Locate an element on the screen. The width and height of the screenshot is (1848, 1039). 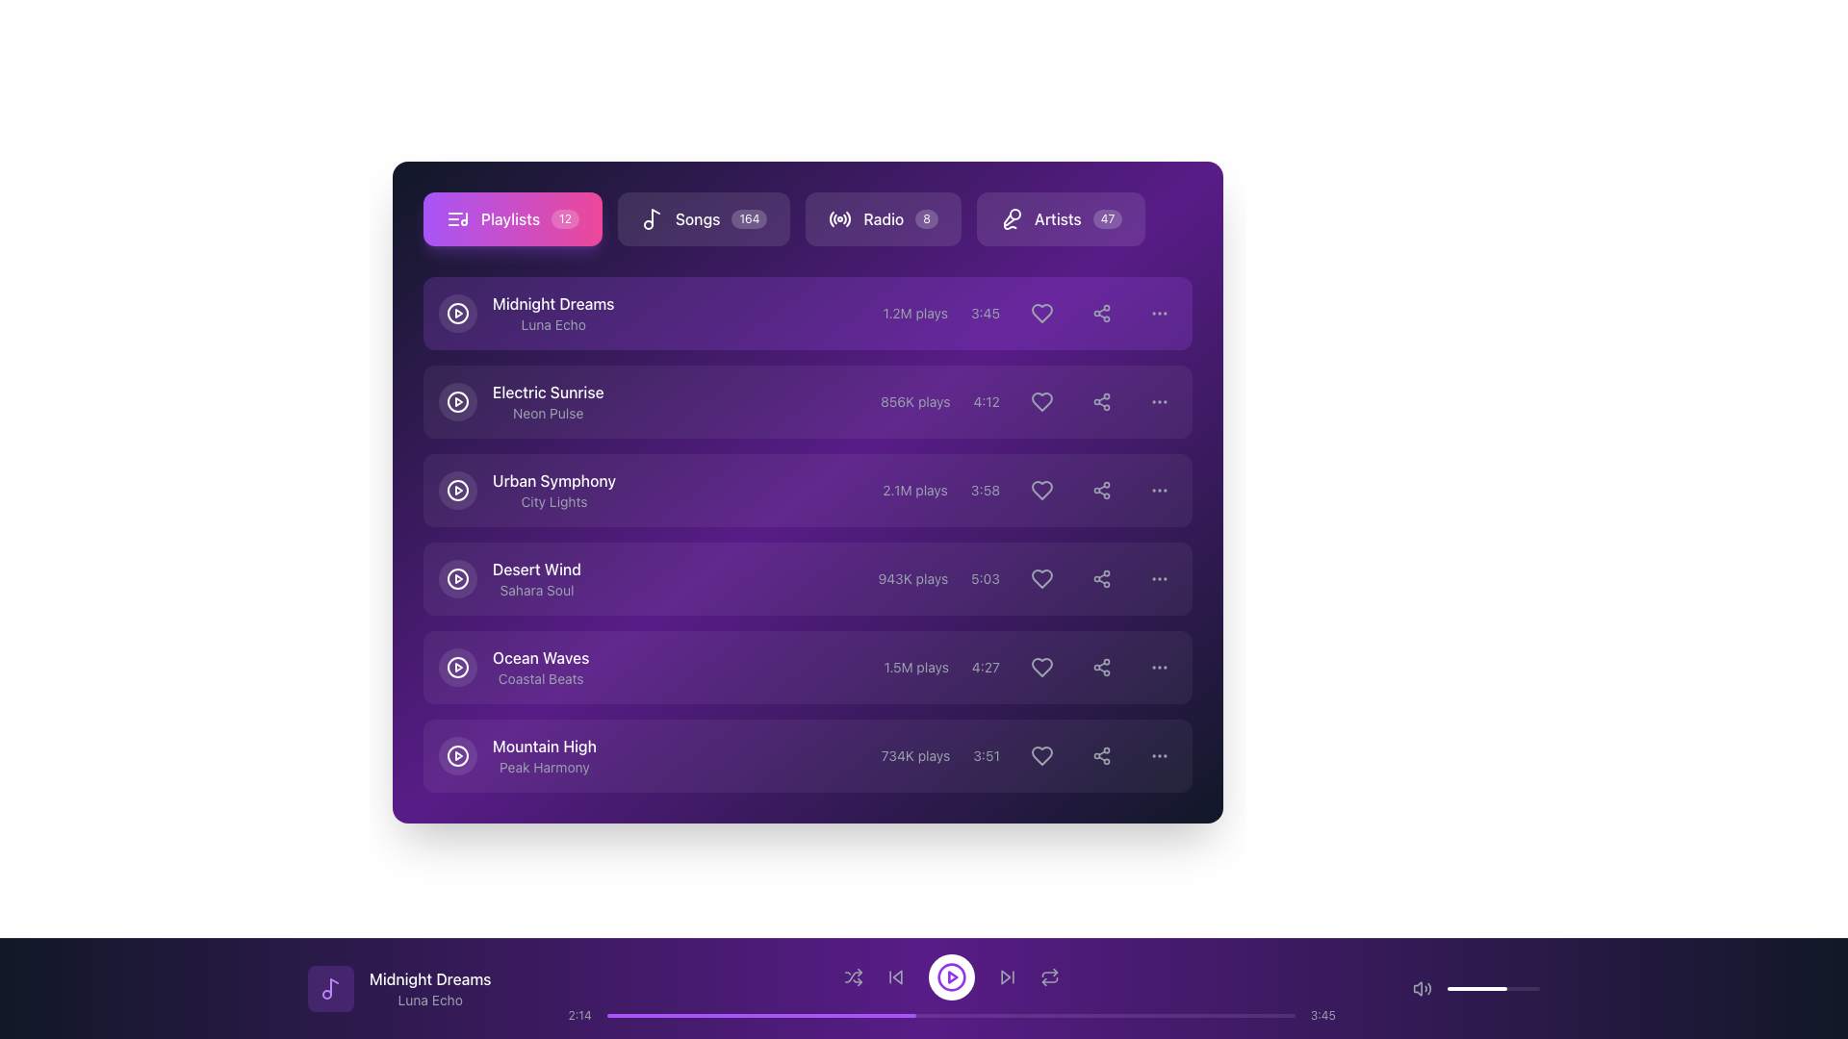
the first list item in the 'Playlists' section, which features a purple gradient background and includes the title 'Midnight Dreams' and associated metadata is located at coordinates (808, 313).